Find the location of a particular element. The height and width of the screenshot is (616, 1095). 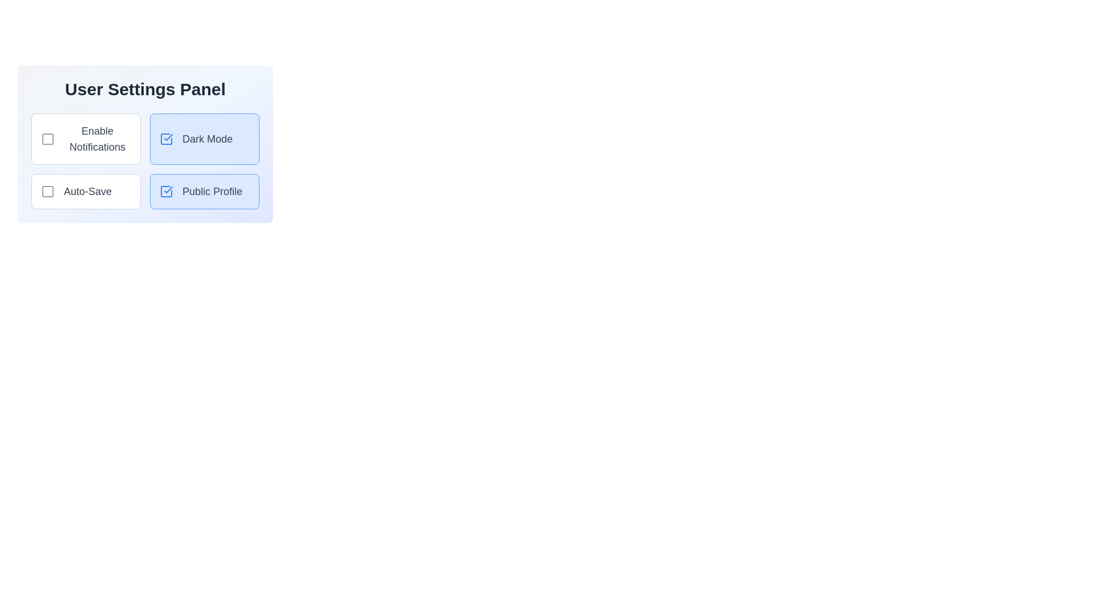

the text label that describes the checkbox for enabling or disabling 'Dark Mode' located in the upper-right section of the user settings panel is located at coordinates (208, 138).